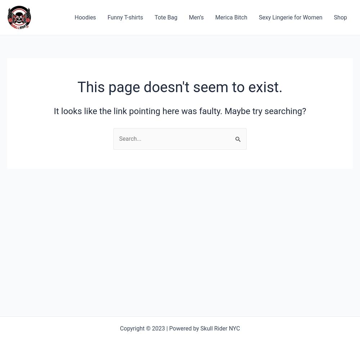  I want to click on 'Copyright © 2023  | Powered by Skull Rider NYC', so click(179, 328).